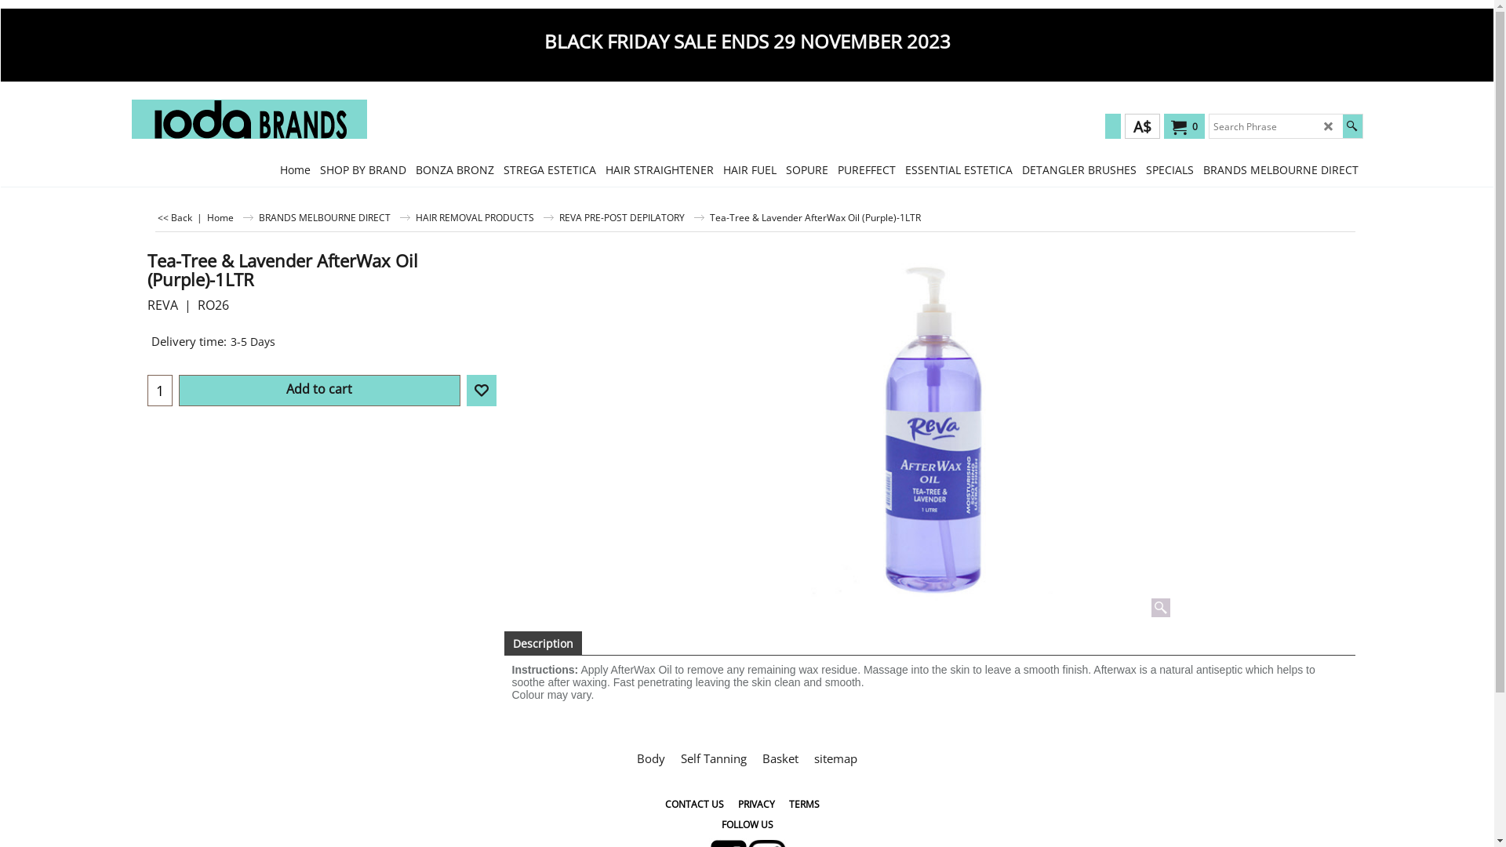  Describe the element at coordinates (318, 389) in the screenshot. I see `'Add to cart'` at that location.